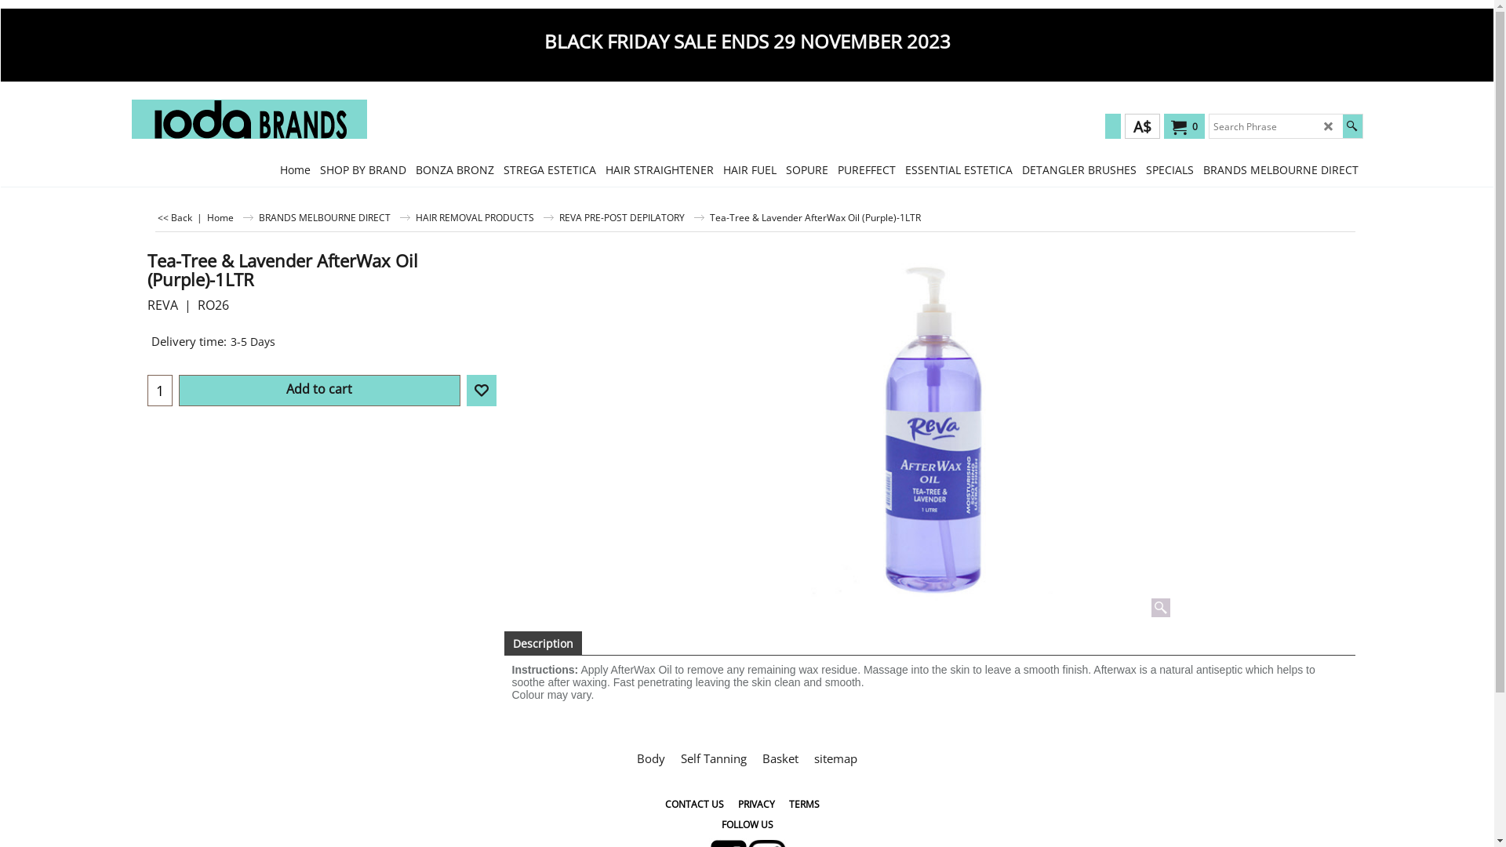  Describe the element at coordinates (318, 389) in the screenshot. I see `'Add to cart'` at that location.